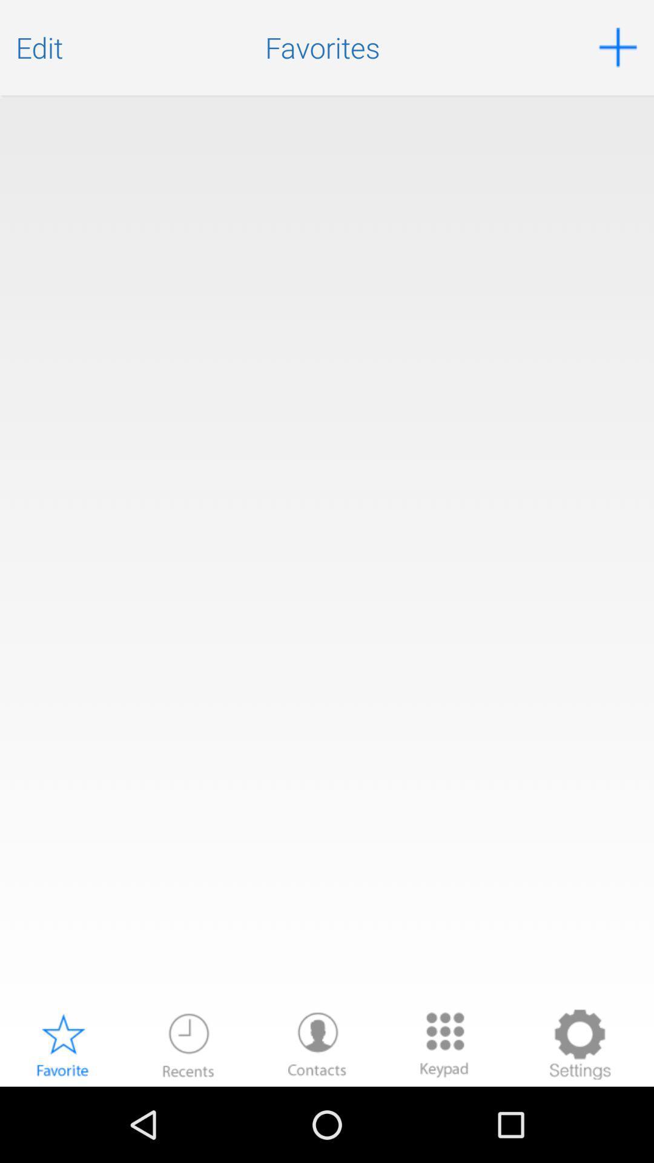  Describe the element at coordinates (327, 551) in the screenshot. I see `favorites list` at that location.